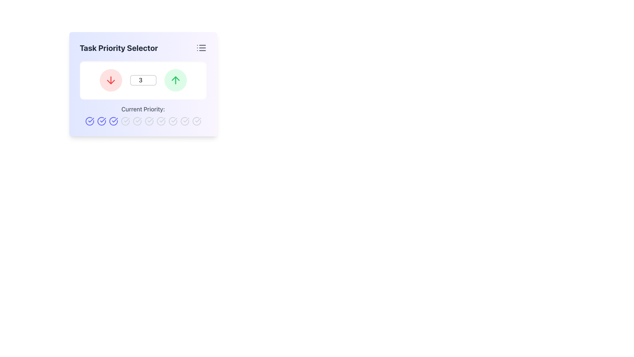 The height and width of the screenshot is (357, 634). I want to click on the checkmark styled icon within a circular outline, which is the fourth icon from the left in the 'Current Priority' section, indicating a neutral state, so click(174, 120).